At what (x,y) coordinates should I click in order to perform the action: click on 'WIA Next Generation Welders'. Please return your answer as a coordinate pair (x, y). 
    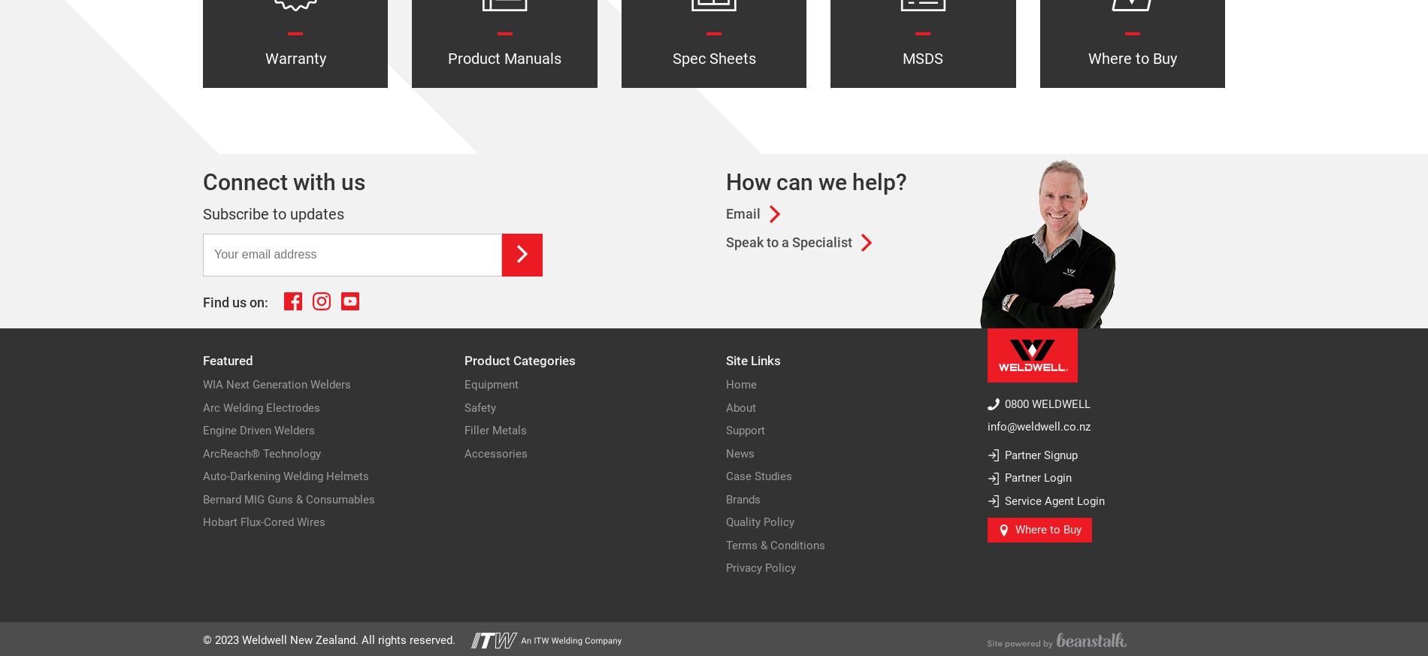
    Looking at the image, I should click on (276, 385).